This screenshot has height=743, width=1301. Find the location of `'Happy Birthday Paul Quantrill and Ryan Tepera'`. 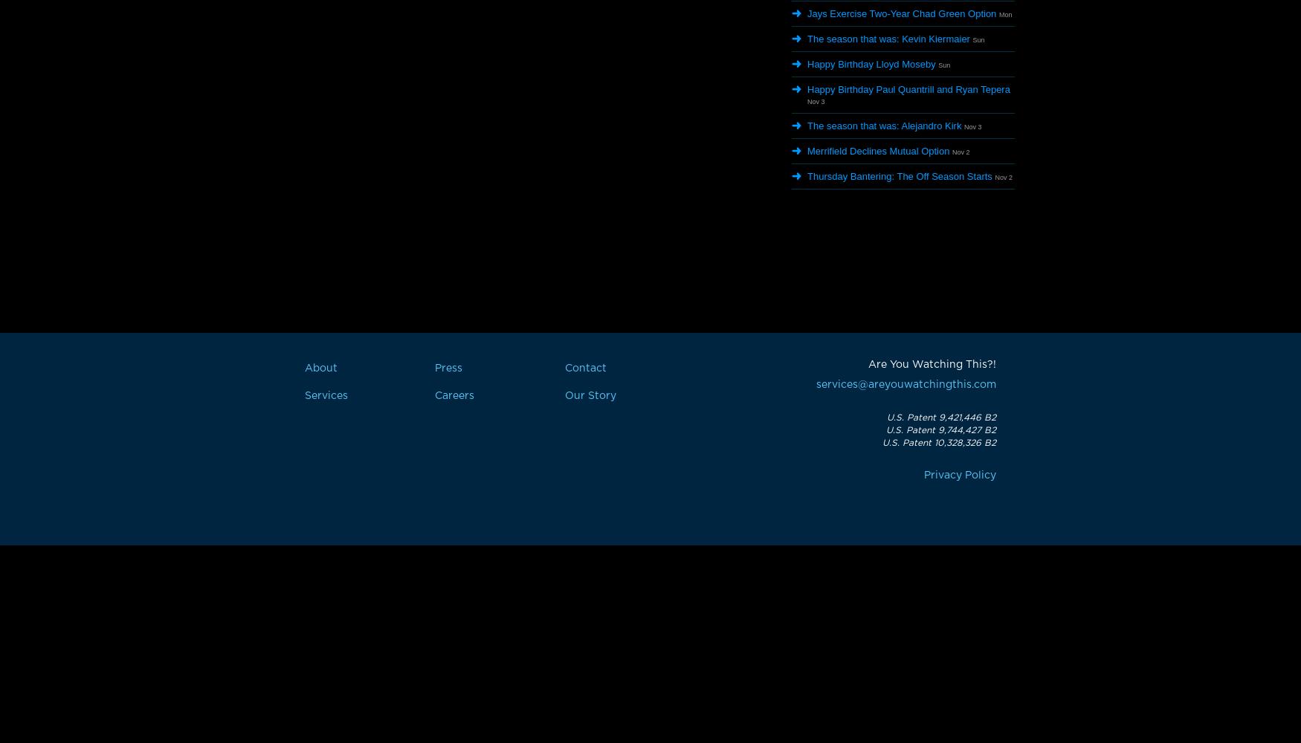

'Happy Birthday Paul Quantrill and Ryan Tepera' is located at coordinates (908, 88).